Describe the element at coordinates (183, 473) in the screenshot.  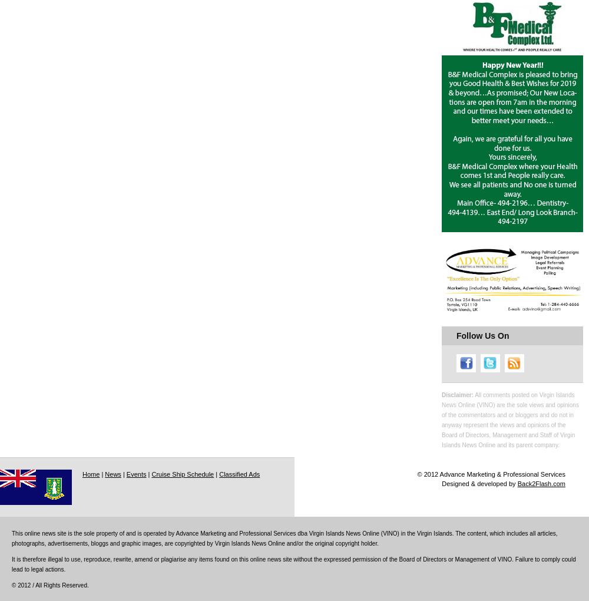
I see `'Cruise Ship Schedule'` at that location.